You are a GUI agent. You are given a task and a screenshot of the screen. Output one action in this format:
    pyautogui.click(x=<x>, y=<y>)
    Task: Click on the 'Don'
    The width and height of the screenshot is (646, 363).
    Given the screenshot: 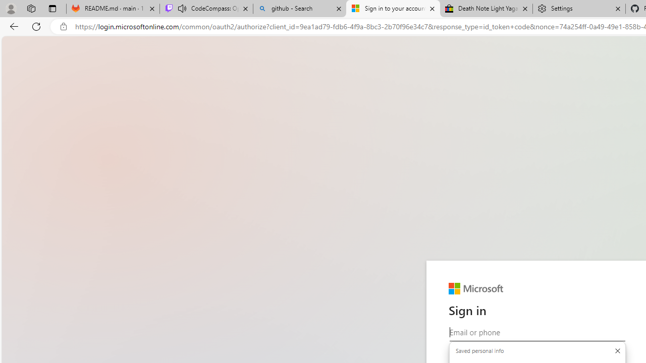 What is the action you would take?
    pyautogui.click(x=617, y=350)
    